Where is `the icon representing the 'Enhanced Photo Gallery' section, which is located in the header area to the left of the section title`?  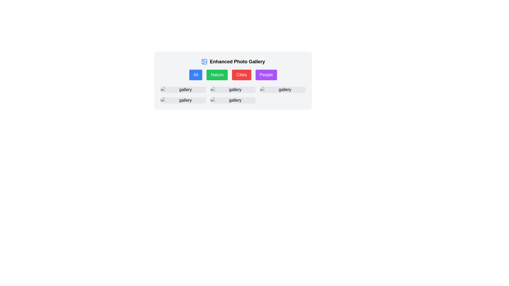 the icon representing the 'Enhanced Photo Gallery' section, which is located in the header area to the left of the section title is located at coordinates (204, 61).